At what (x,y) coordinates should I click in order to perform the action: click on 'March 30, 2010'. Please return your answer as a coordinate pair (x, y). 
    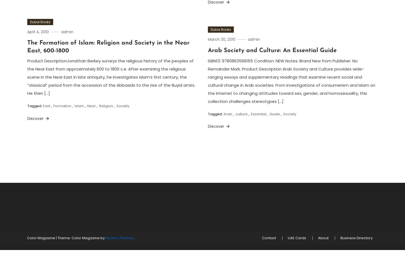
    Looking at the image, I should click on (208, 39).